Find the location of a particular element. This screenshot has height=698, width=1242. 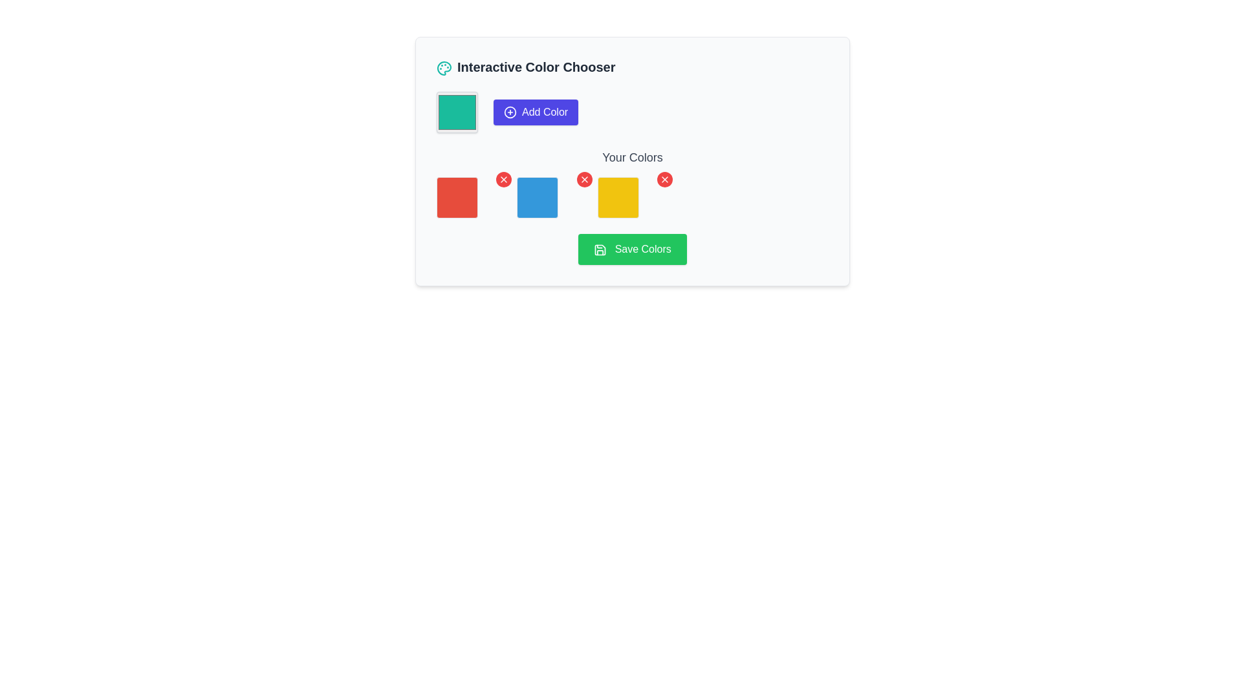

the circular red button with a white 'X' icon located at the top-right corner of the second blue square in the 'Your Colors' section is located at coordinates (583, 179).